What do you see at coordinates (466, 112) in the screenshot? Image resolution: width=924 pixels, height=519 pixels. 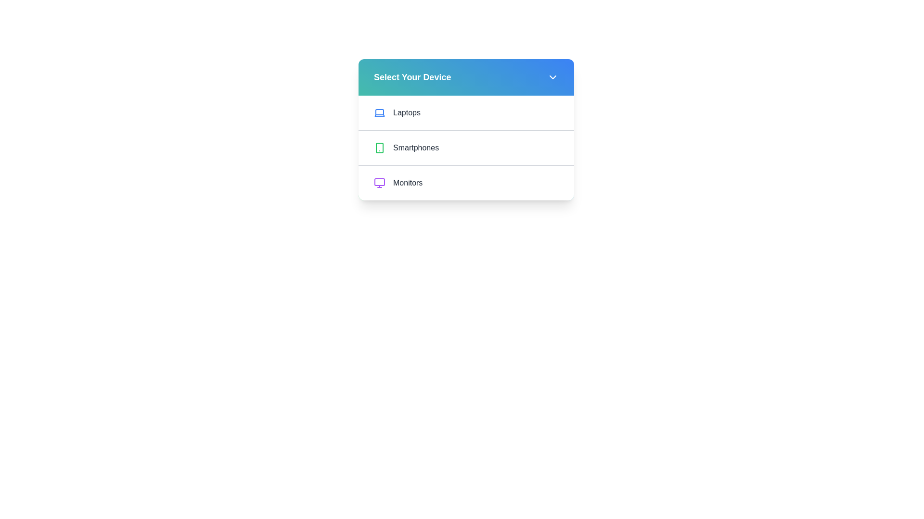 I see `the device option Laptops from the dropdown menu` at bounding box center [466, 112].